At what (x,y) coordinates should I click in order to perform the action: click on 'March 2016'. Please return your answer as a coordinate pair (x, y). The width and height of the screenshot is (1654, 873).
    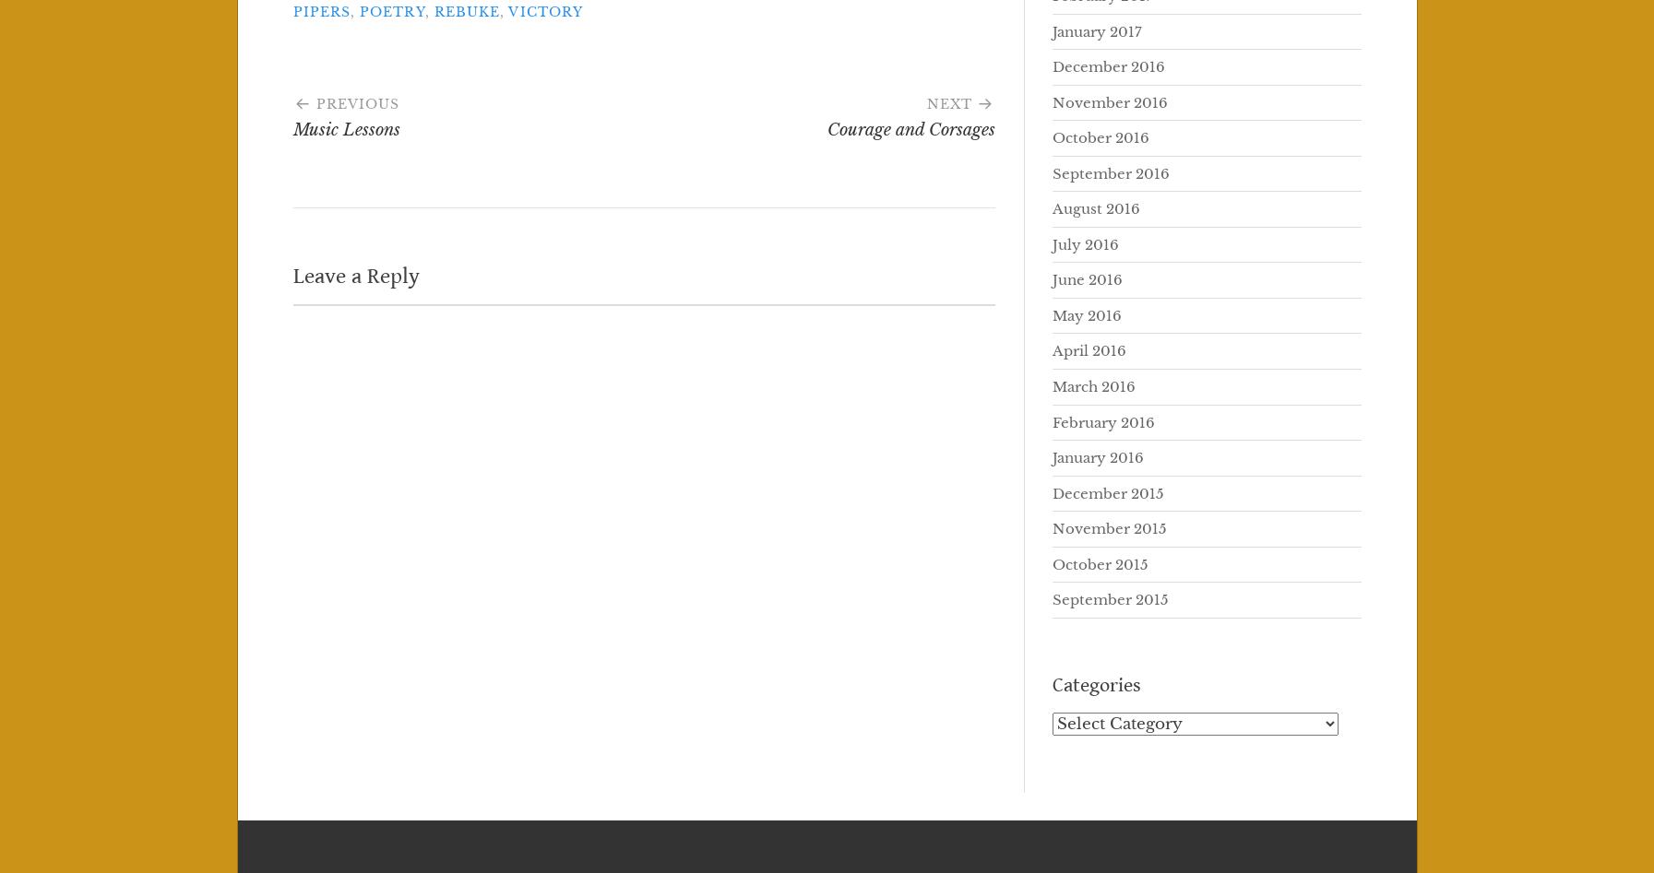
    Looking at the image, I should click on (1092, 386).